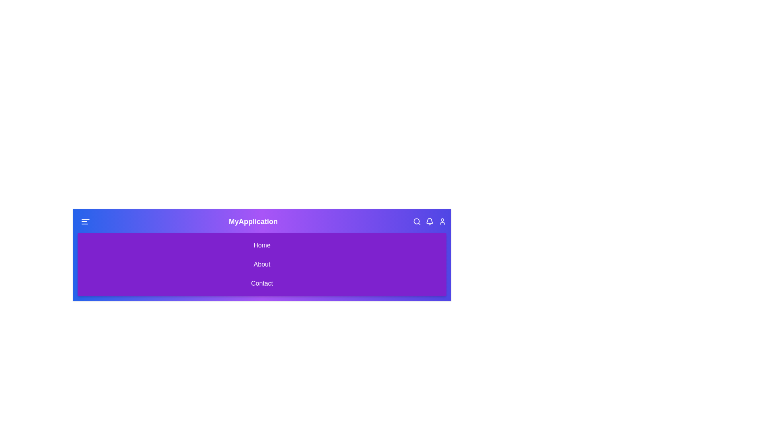 This screenshot has height=429, width=764. What do you see at coordinates (262, 265) in the screenshot?
I see `the 'About' menu item to navigate to the 'About' section` at bounding box center [262, 265].